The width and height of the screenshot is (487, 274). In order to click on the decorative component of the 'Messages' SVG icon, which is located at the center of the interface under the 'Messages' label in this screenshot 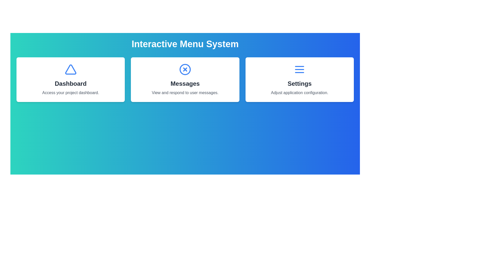, I will do `click(185, 69)`.